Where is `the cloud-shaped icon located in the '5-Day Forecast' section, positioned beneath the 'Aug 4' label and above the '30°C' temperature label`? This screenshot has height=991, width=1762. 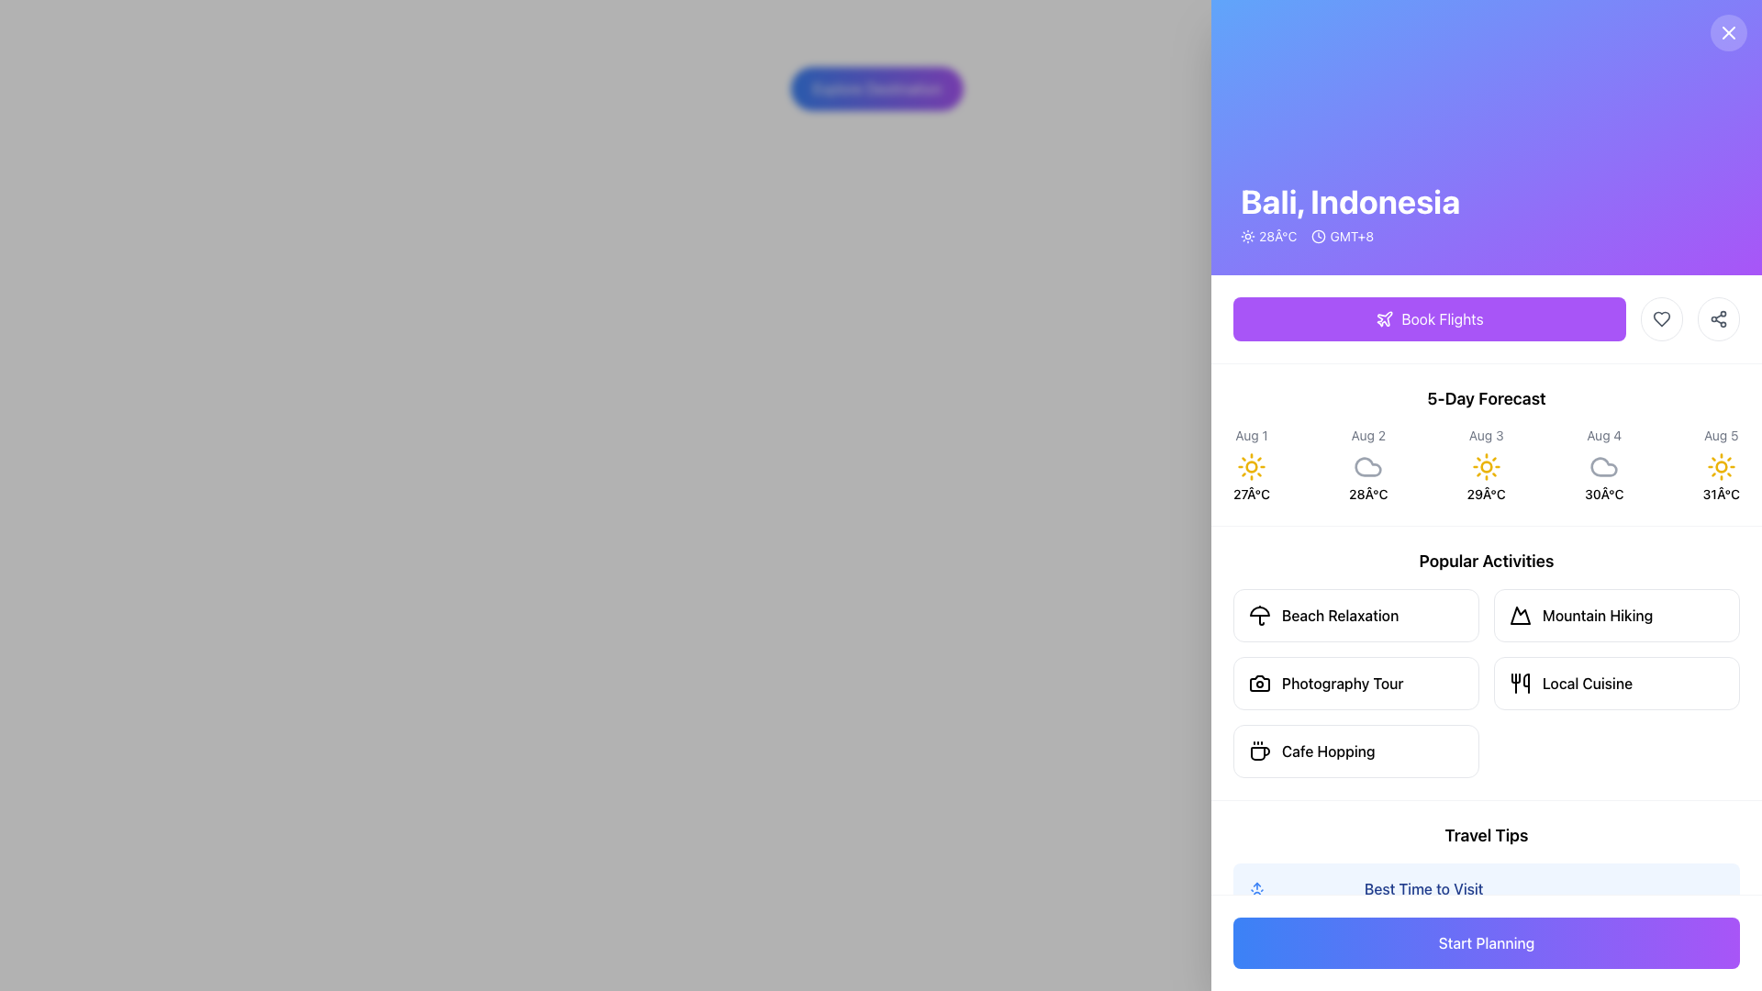 the cloud-shaped icon located in the '5-Day Forecast' section, positioned beneath the 'Aug 4' label and above the '30°C' temperature label is located at coordinates (1603, 466).